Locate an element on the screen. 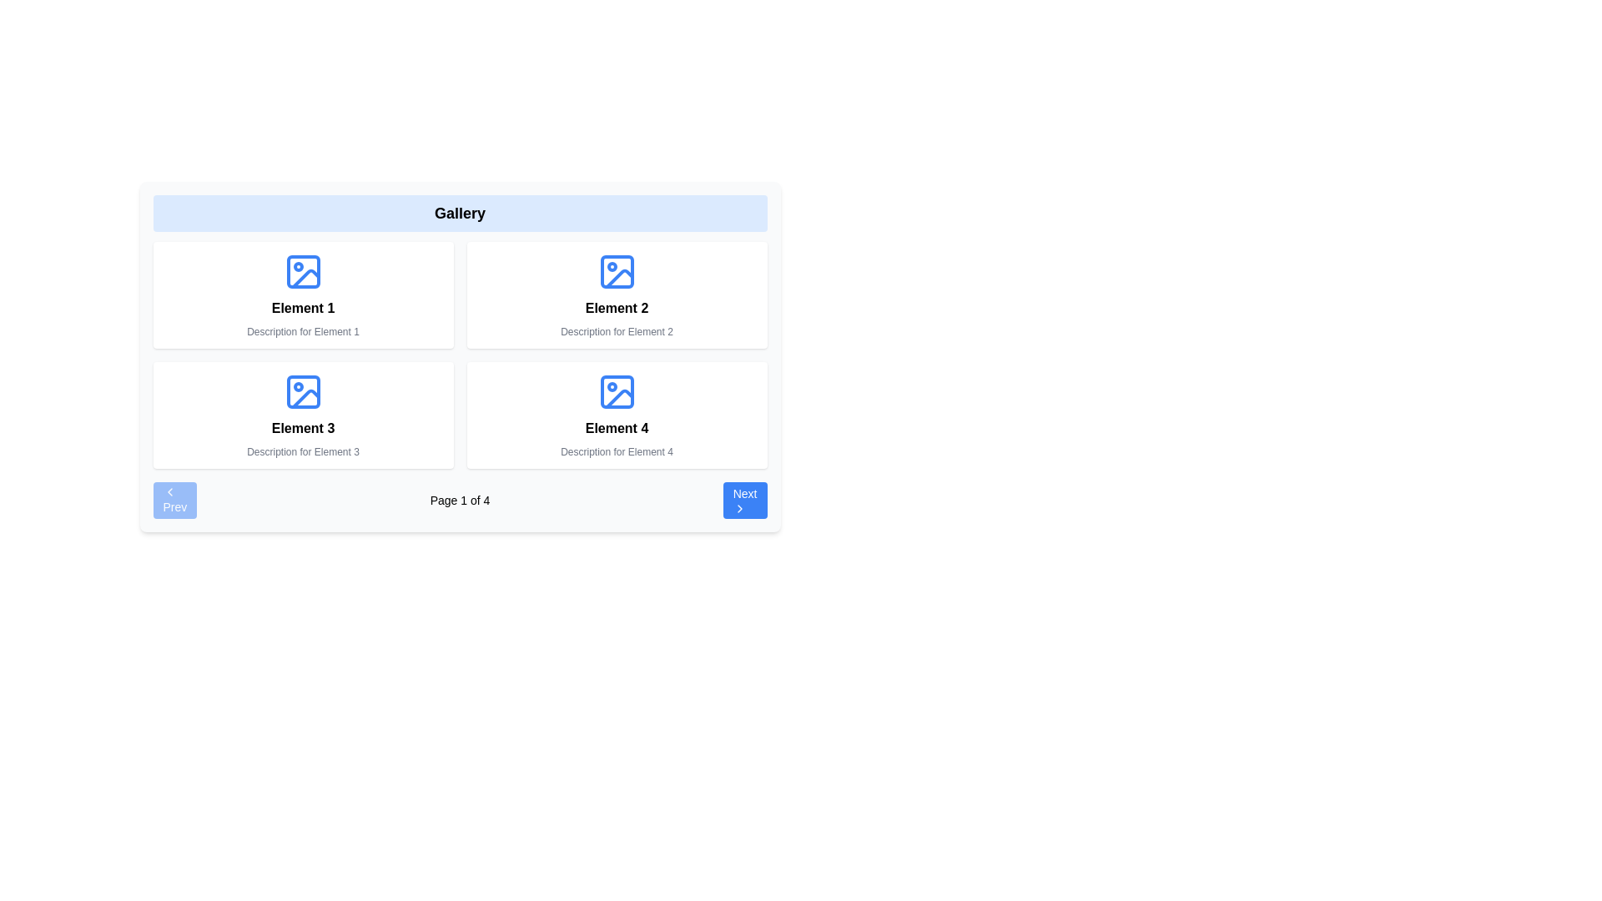 The height and width of the screenshot is (901, 1602). the Text label displaying 'Element 3' located in the bottom-left quadrant of the grid, below the image icon is located at coordinates (303, 427).